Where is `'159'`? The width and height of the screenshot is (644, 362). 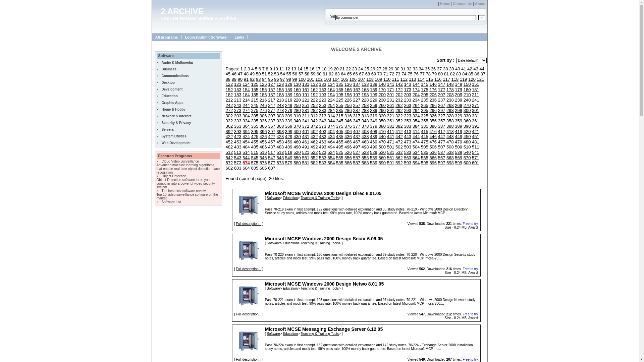 '159' is located at coordinates (288, 89).